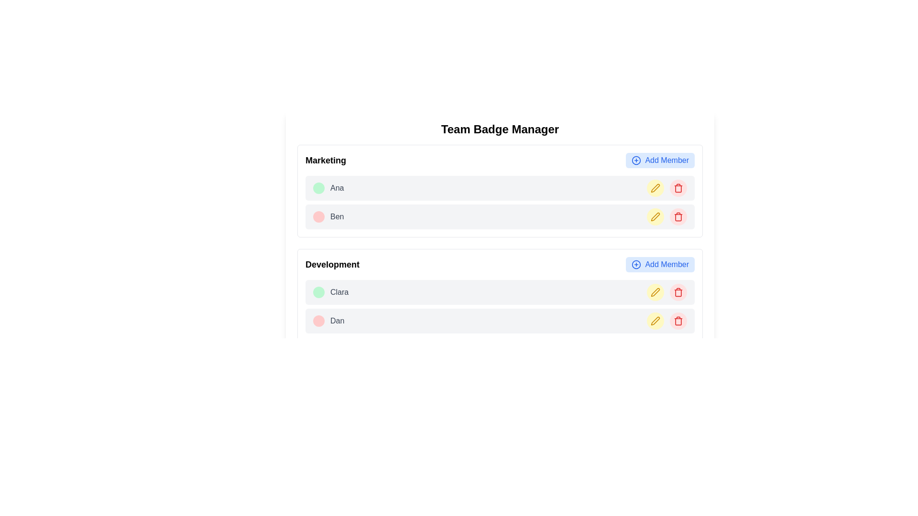  I want to click on the red circular button with a trash can icon located in the second row under the 'Marketing' group, so click(678, 217).